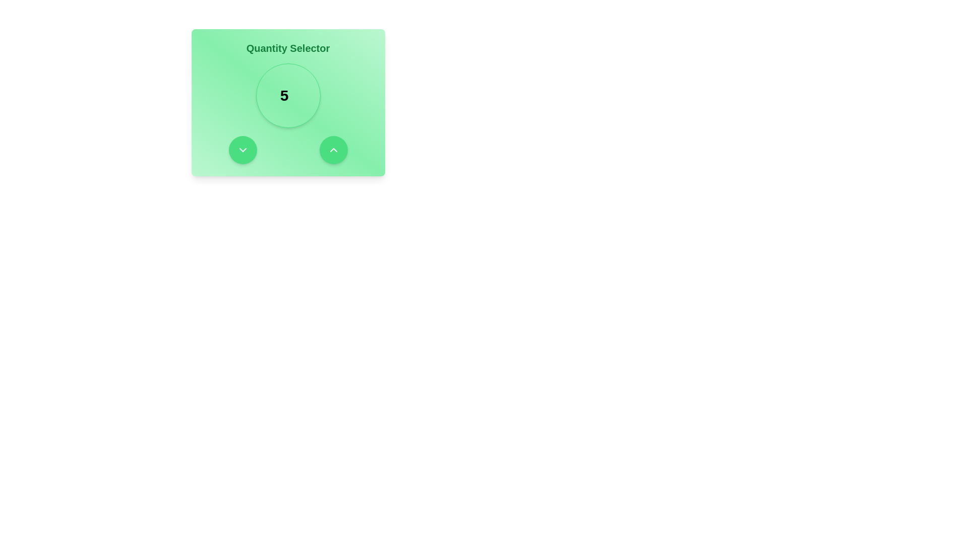 This screenshot has width=968, height=544. Describe the element at coordinates (243, 150) in the screenshot. I see `the downward-pointing chevron-down icon inside the green circular button of the 'Quantity Selector' component` at that location.